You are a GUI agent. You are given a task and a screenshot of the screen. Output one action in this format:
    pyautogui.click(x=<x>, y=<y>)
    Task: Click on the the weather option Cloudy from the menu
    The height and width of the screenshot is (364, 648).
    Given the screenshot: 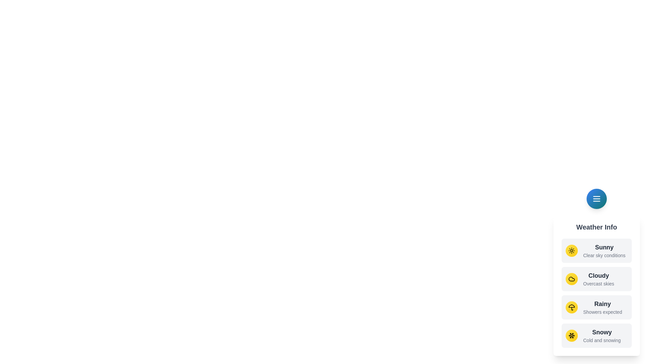 What is the action you would take?
    pyautogui.click(x=596, y=279)
    